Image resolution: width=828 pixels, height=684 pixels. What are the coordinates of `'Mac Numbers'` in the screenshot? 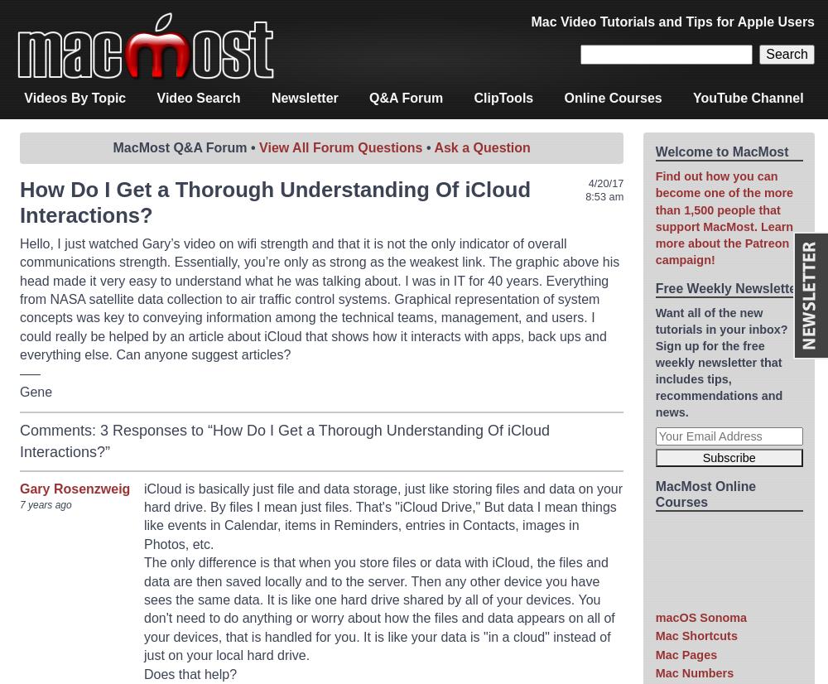 It's located at (693, 672).